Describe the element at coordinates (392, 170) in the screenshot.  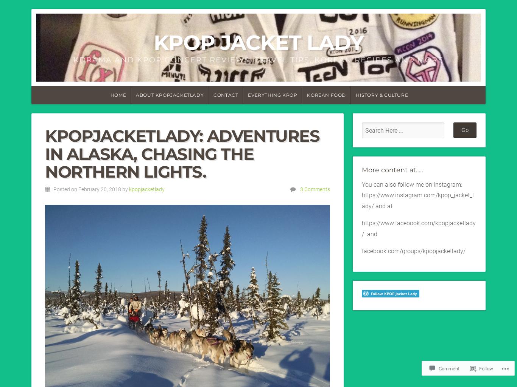
I see `'More content at…..'` at that location.